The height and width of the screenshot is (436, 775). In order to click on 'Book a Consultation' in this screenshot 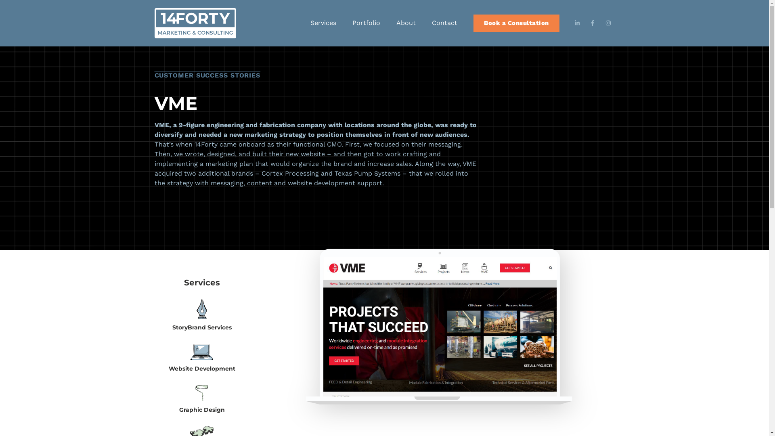, I will do `click(473, 23)`.